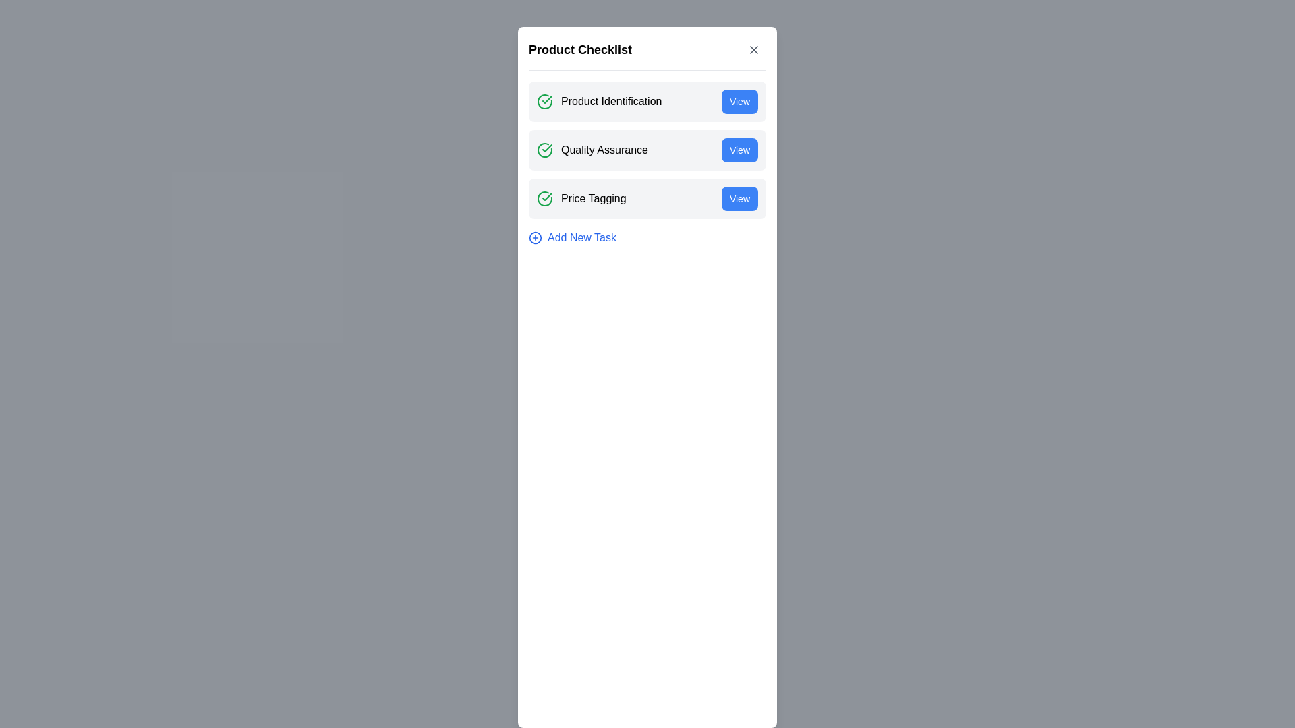 This screenshot has height=728, width=1295. What do you see at coordinates (753, 49) in the screenshot?
I see `the close icon located in the top right corner of the component's header section, adjacent to the header text 'Product Checklist'` at bounding box center [753, 49].